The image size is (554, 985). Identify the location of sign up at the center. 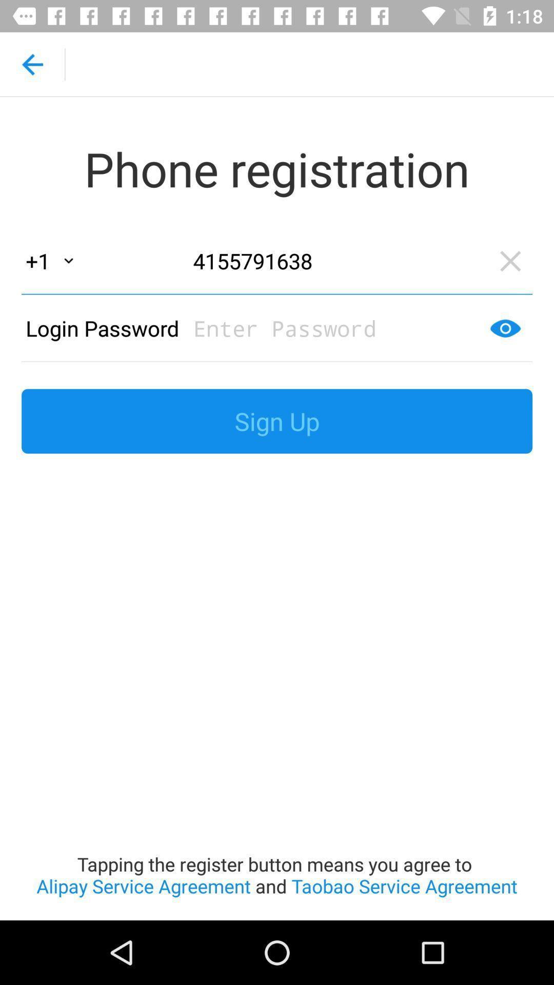
(277, 421).